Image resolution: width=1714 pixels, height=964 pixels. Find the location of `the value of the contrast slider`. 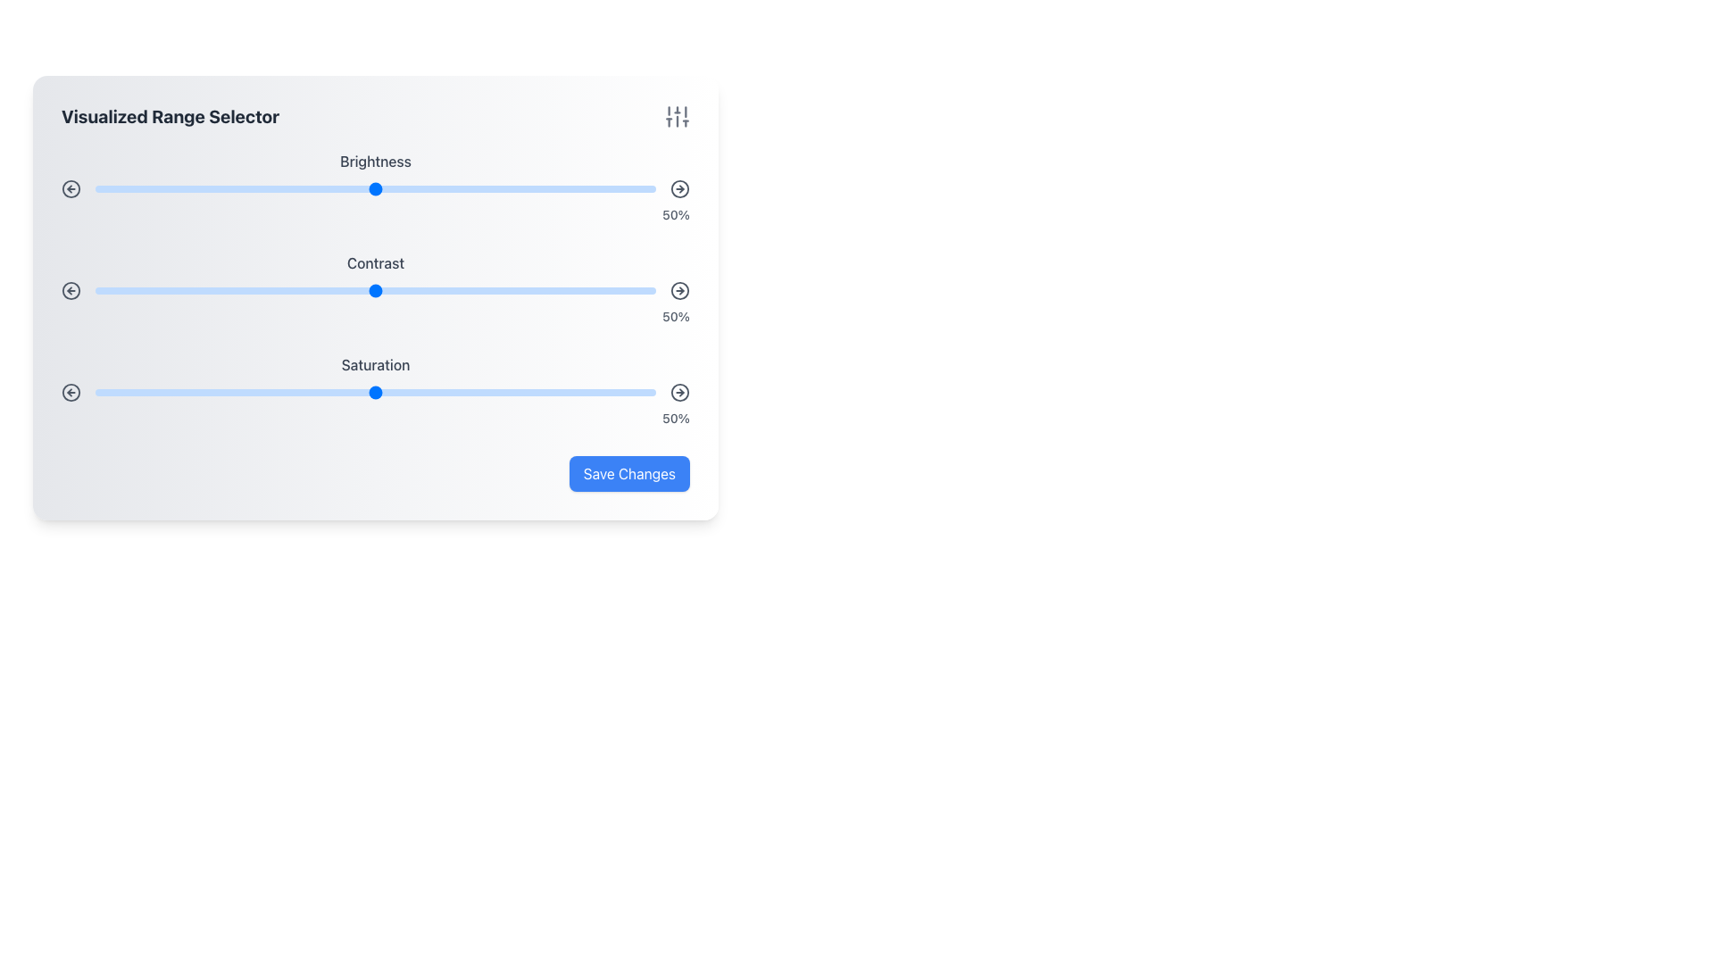

the value of the contrast slider is located at coordinates (520, 290).